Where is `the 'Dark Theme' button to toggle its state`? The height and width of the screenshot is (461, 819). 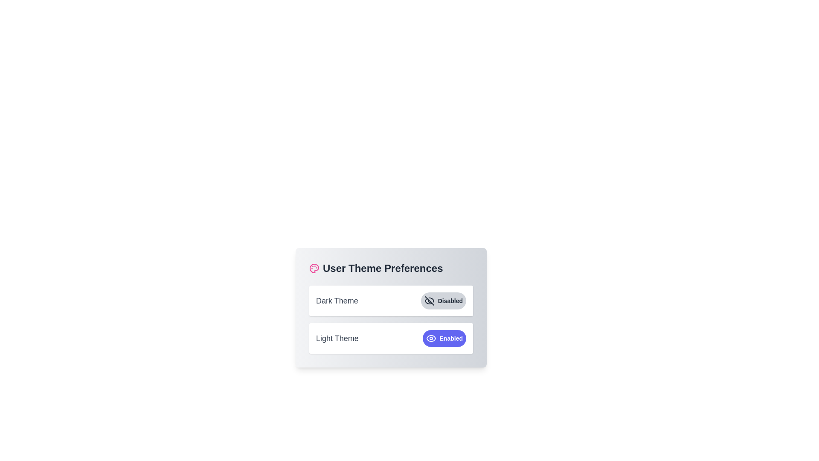 the 'Dark Theme' button to toggle its state is located at coordinates (443, 301).